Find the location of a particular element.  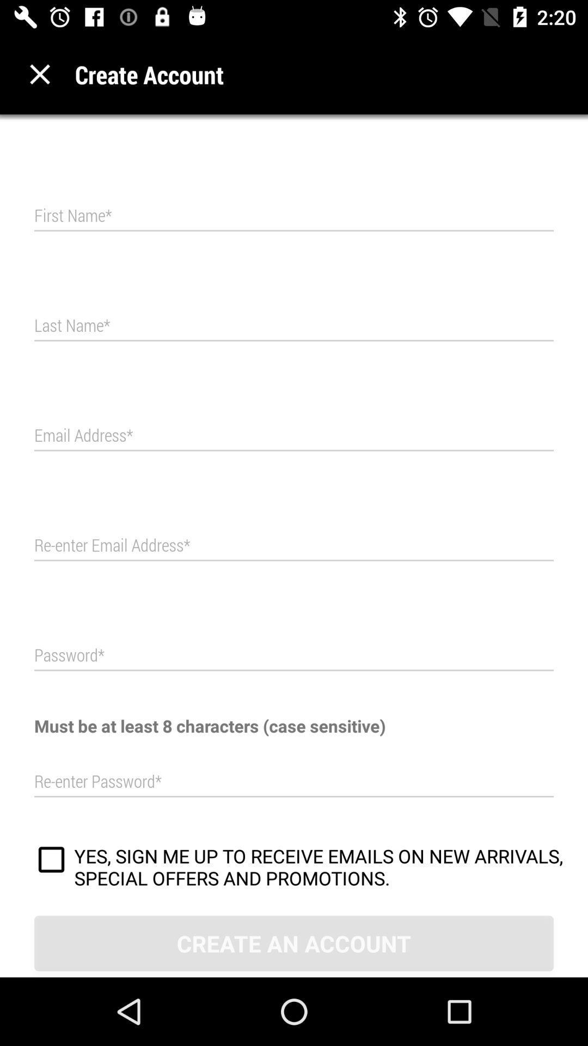

re-enter password is located at coordinates (294, 781).